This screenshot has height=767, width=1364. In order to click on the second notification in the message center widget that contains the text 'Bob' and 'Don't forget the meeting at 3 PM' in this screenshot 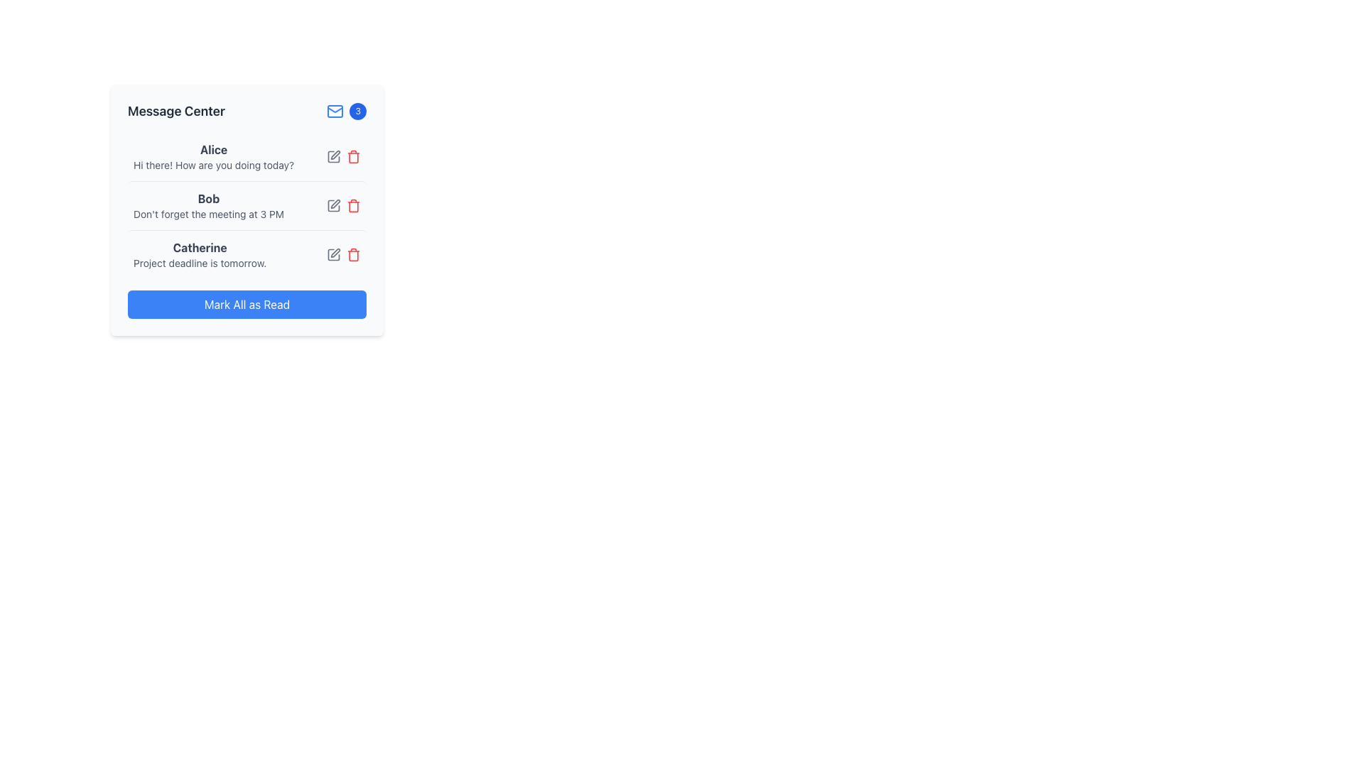, I will do `click(247, 205)`.